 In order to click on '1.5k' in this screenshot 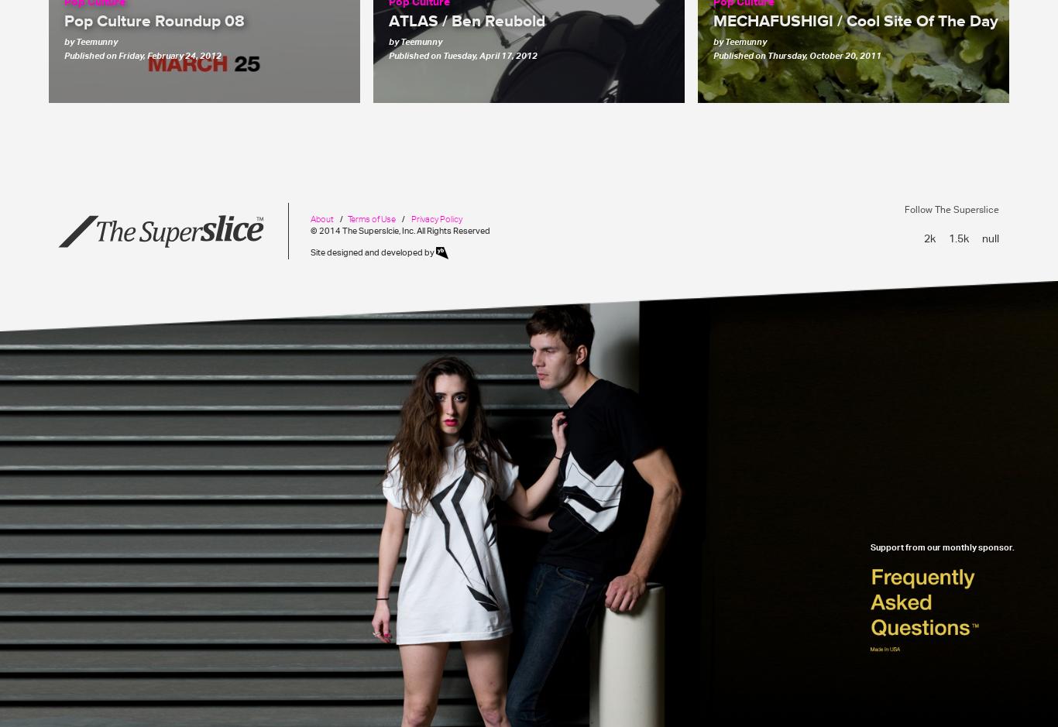, I will do `click(958, 237)`.